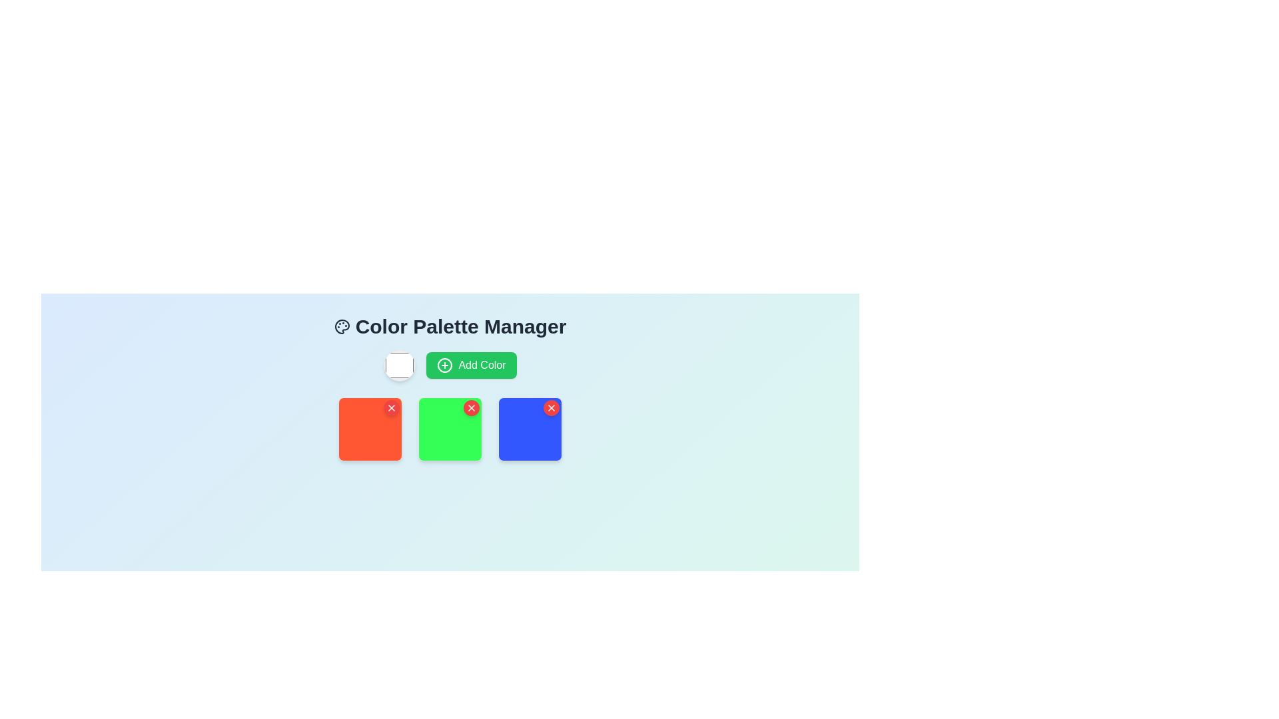 The width and height of the screenshot is (1279, 719). What do you see at coordinates (342, 326) in the screenshot?
I see `the color palette management icon located to the left of the 'Color Palette Manager' title text` at bounding box center [342, 326].